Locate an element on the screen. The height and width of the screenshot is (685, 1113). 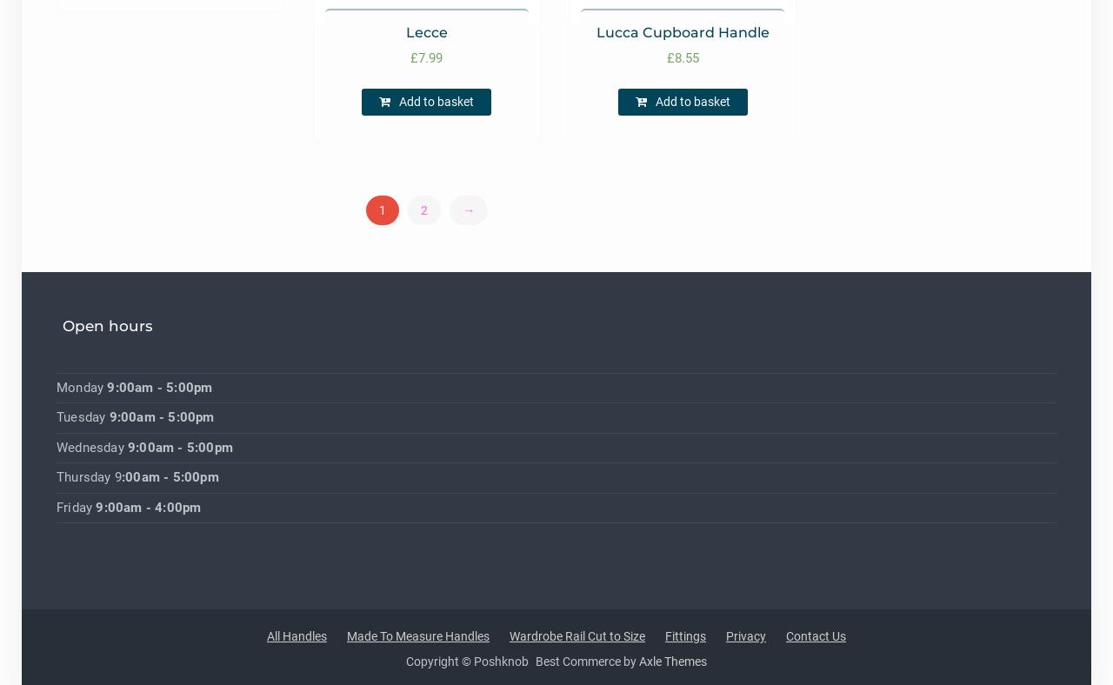
'7.99' is located at coordinates (430, 57).